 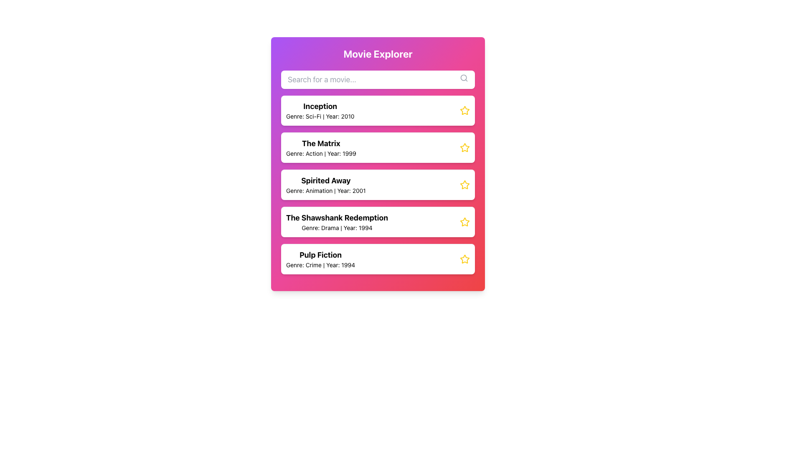 What do you see at coordinates (464, 147) in the screenshot?
I see `the yellow star-shaped icon located at the right end of the list item labeled 'The Matrix'` at bounding box center [464, 147].